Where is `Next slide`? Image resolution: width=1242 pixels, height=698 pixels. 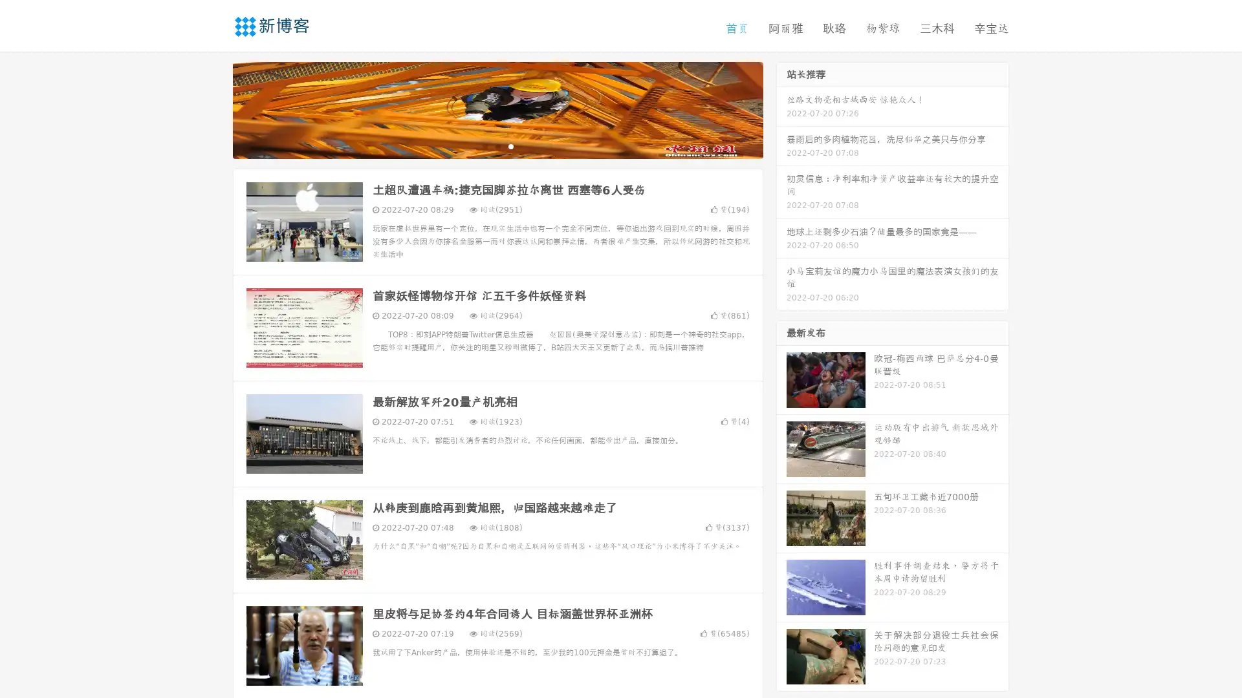 Next slide is located at coordinates (781, 109).